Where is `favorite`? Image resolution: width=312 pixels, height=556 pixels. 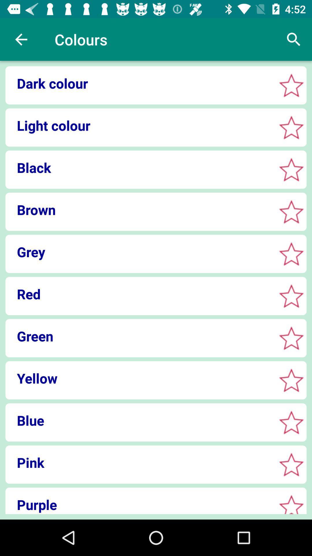
favorite is located at coordinates (291, 85).